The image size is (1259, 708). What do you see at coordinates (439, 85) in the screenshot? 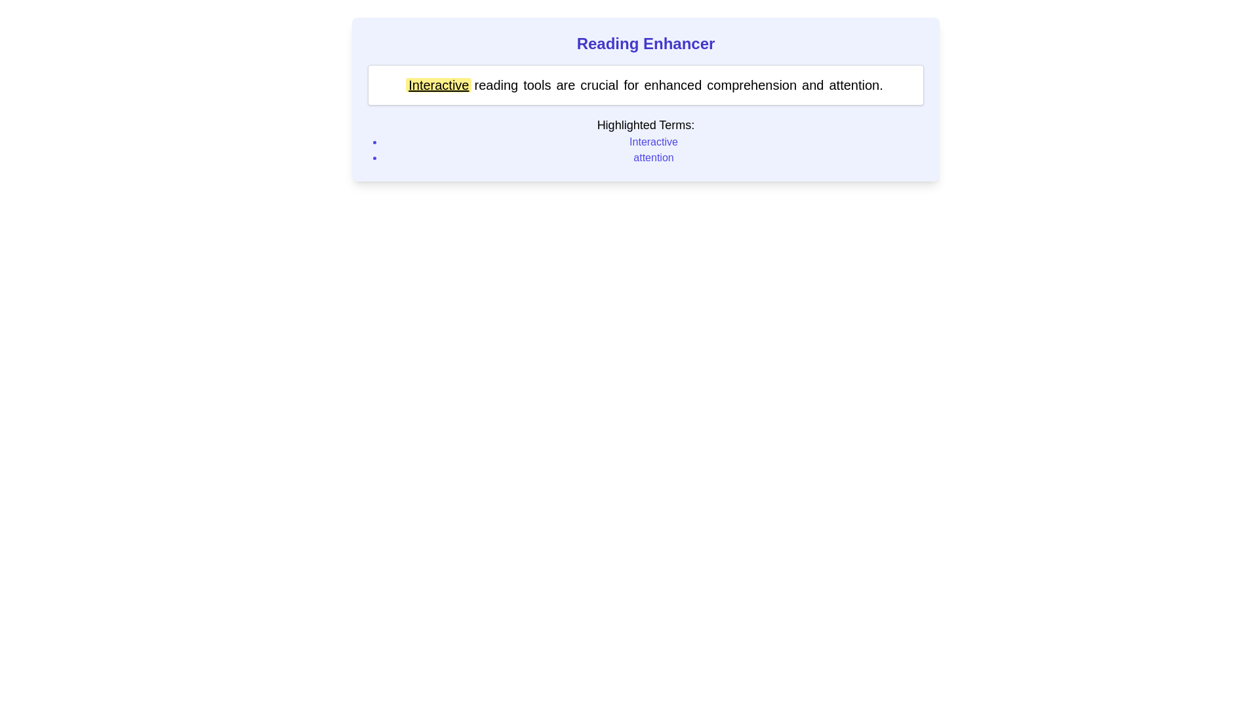
I see `the Stylized Text element with a yellow background, underlined text, and rounded border that contains the text 'Interactive'` at bounding box center [439, 85].